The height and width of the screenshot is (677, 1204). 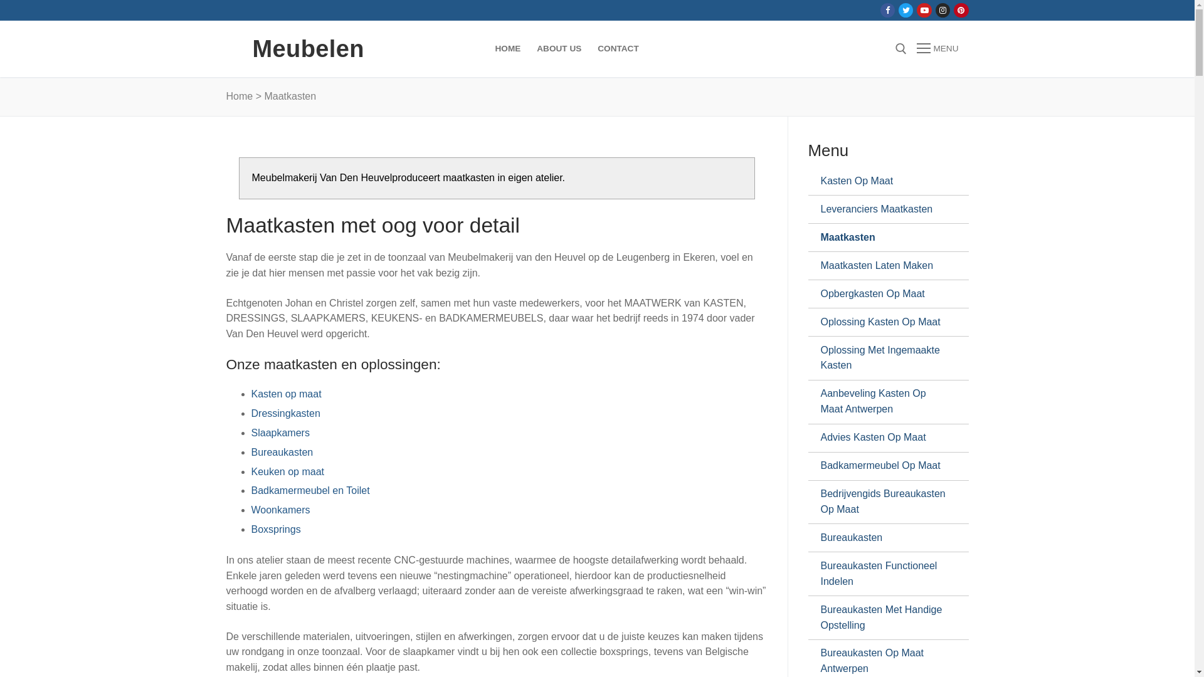 I want to click on 'Slaapkamers', so click(x=279, y=432).